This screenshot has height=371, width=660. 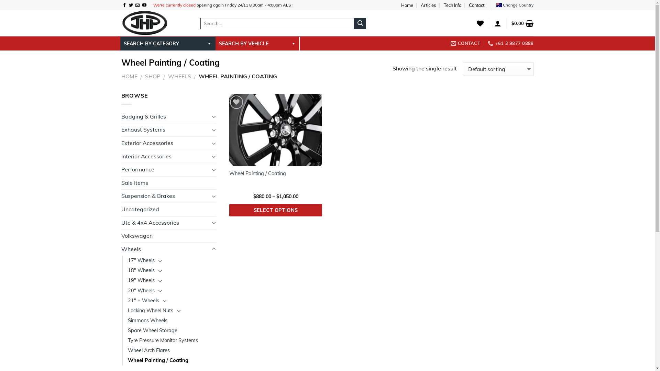 What do you see at coordinates (165, 249) in the screenshot?
I see `'Wheels'` at bounding box center [165, 249].